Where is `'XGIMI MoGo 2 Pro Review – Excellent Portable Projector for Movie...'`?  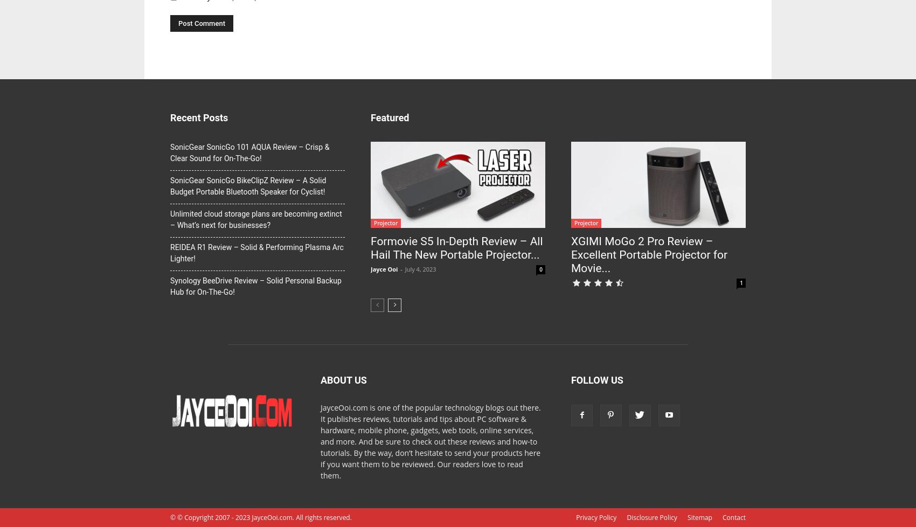
'XGIMI MoGo 2 Pro Review – Excellent Portable Projector for Movie...' is located at coordinates (648, 254).